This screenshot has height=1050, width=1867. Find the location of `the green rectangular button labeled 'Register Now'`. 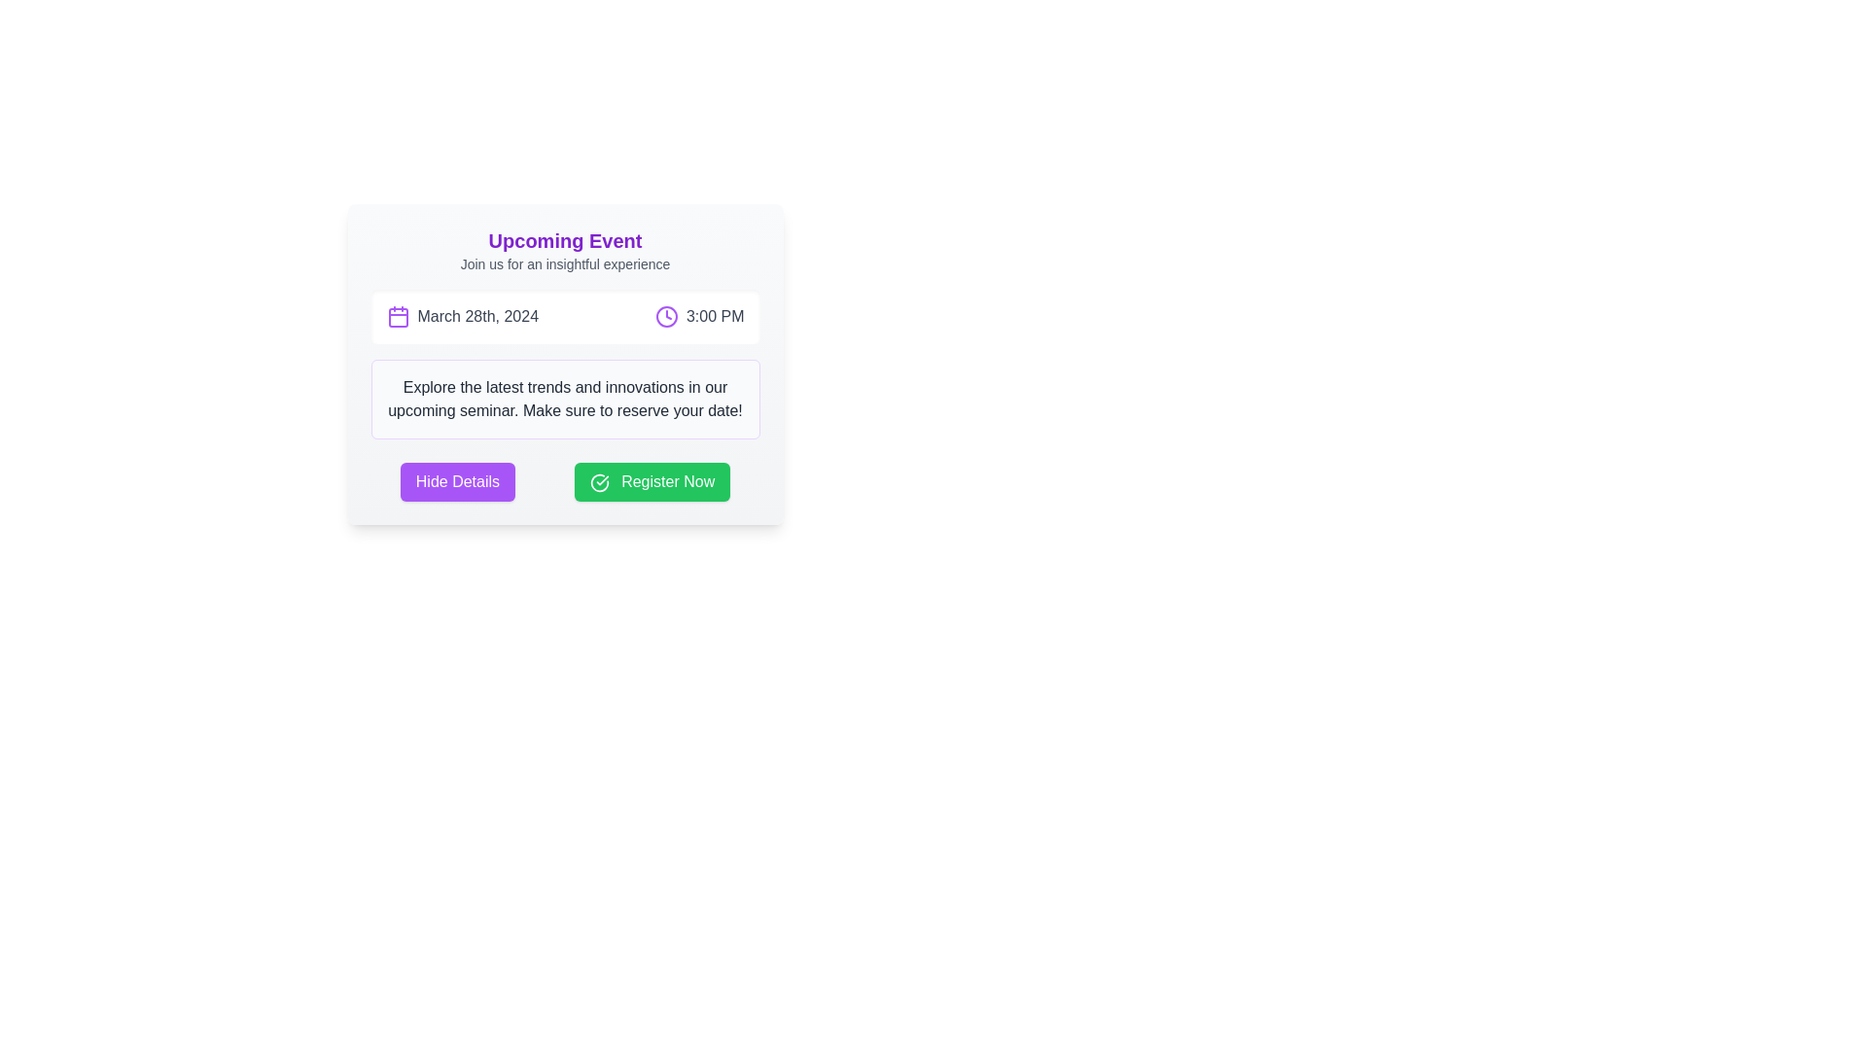

the green rectangular button labeled 'Register Now' is located at coordinates (652, 481).